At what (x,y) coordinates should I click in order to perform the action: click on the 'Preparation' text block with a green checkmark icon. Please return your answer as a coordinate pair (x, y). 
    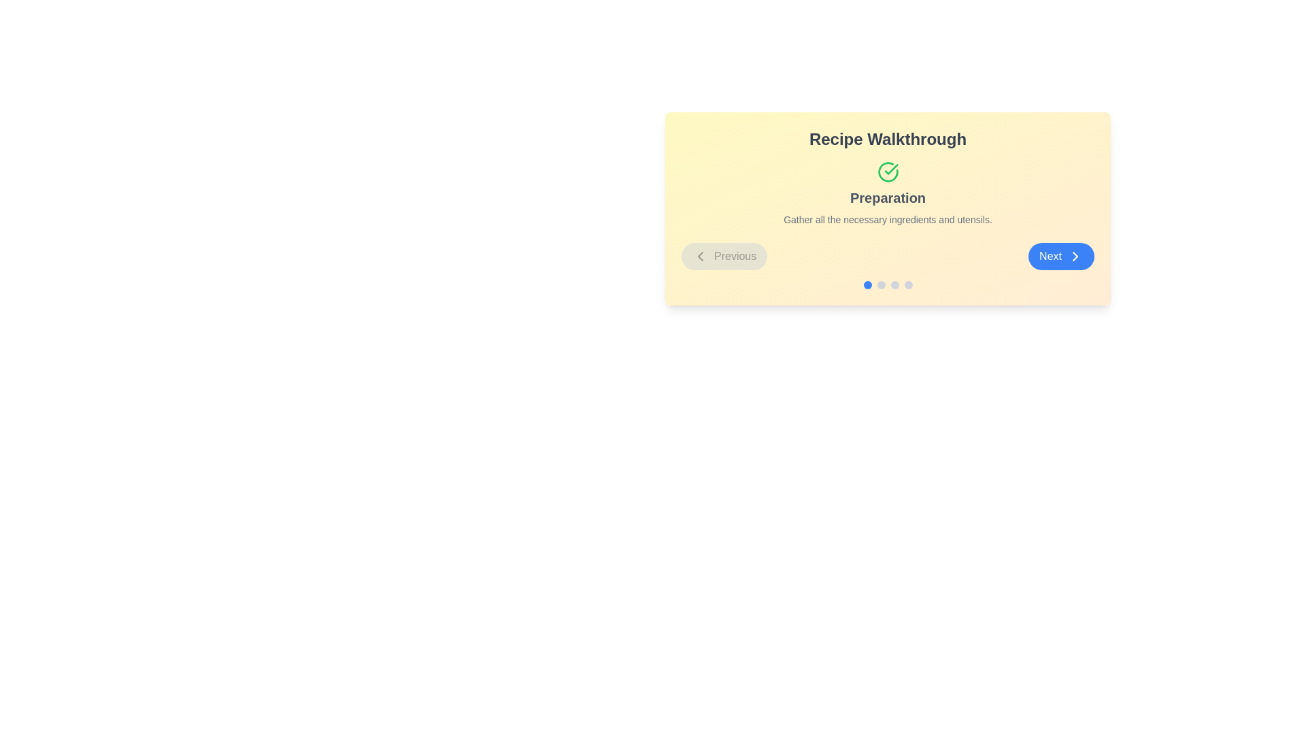
    Looking at the image, I should click on (888, 194).